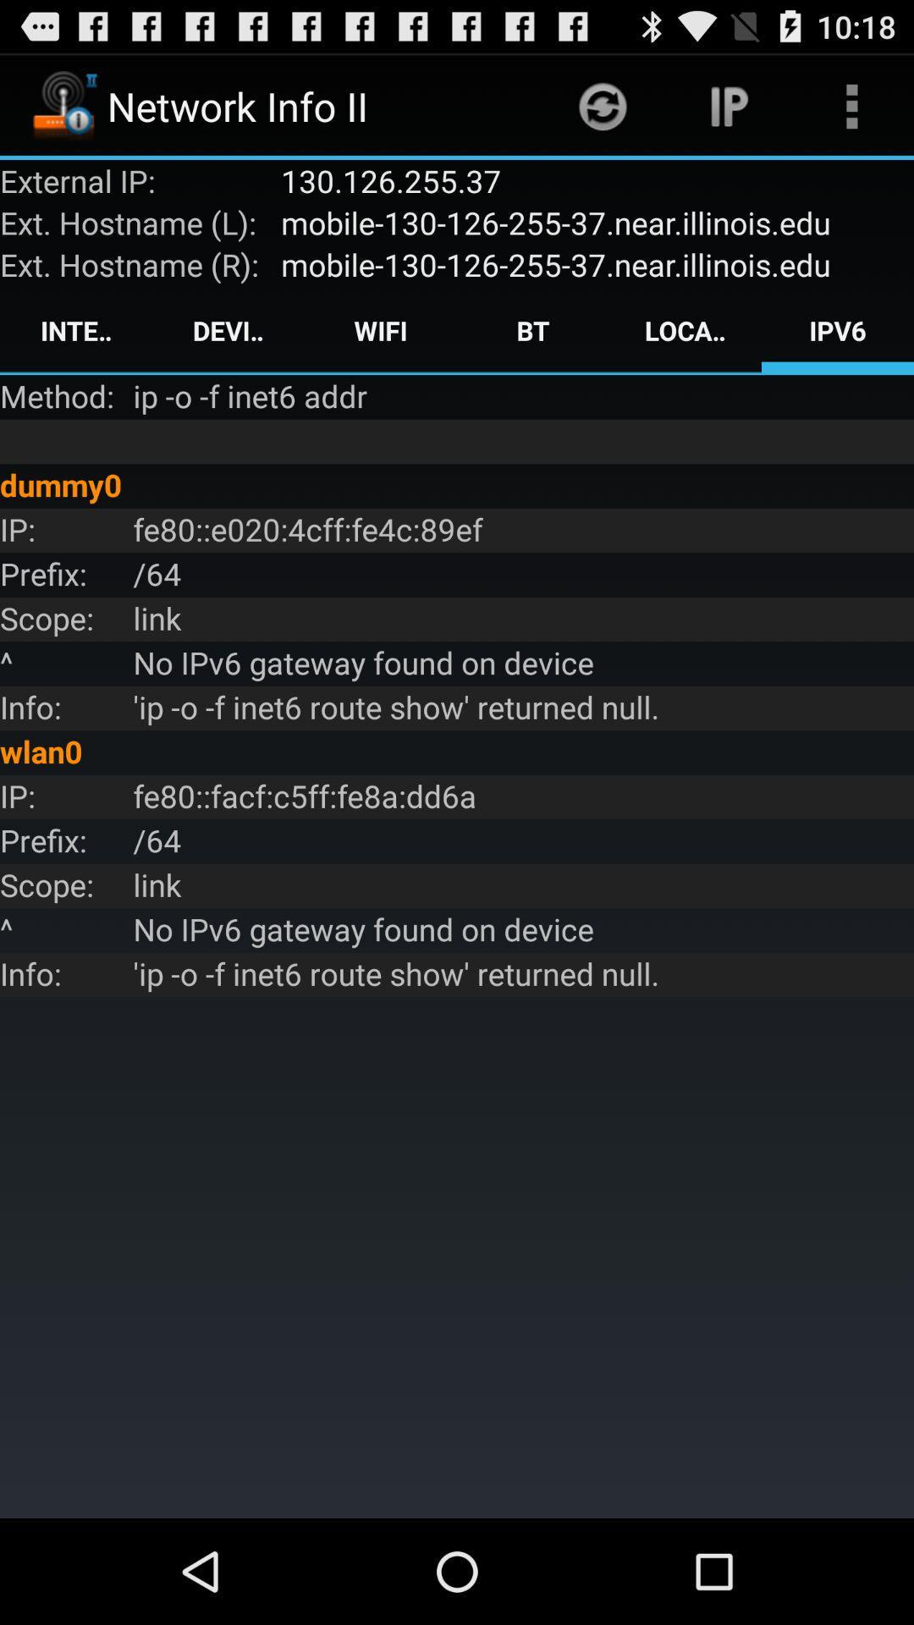 This screenshot has height=1625, width=914. I want to click on item to the left of the bt item, so click(381, 330).